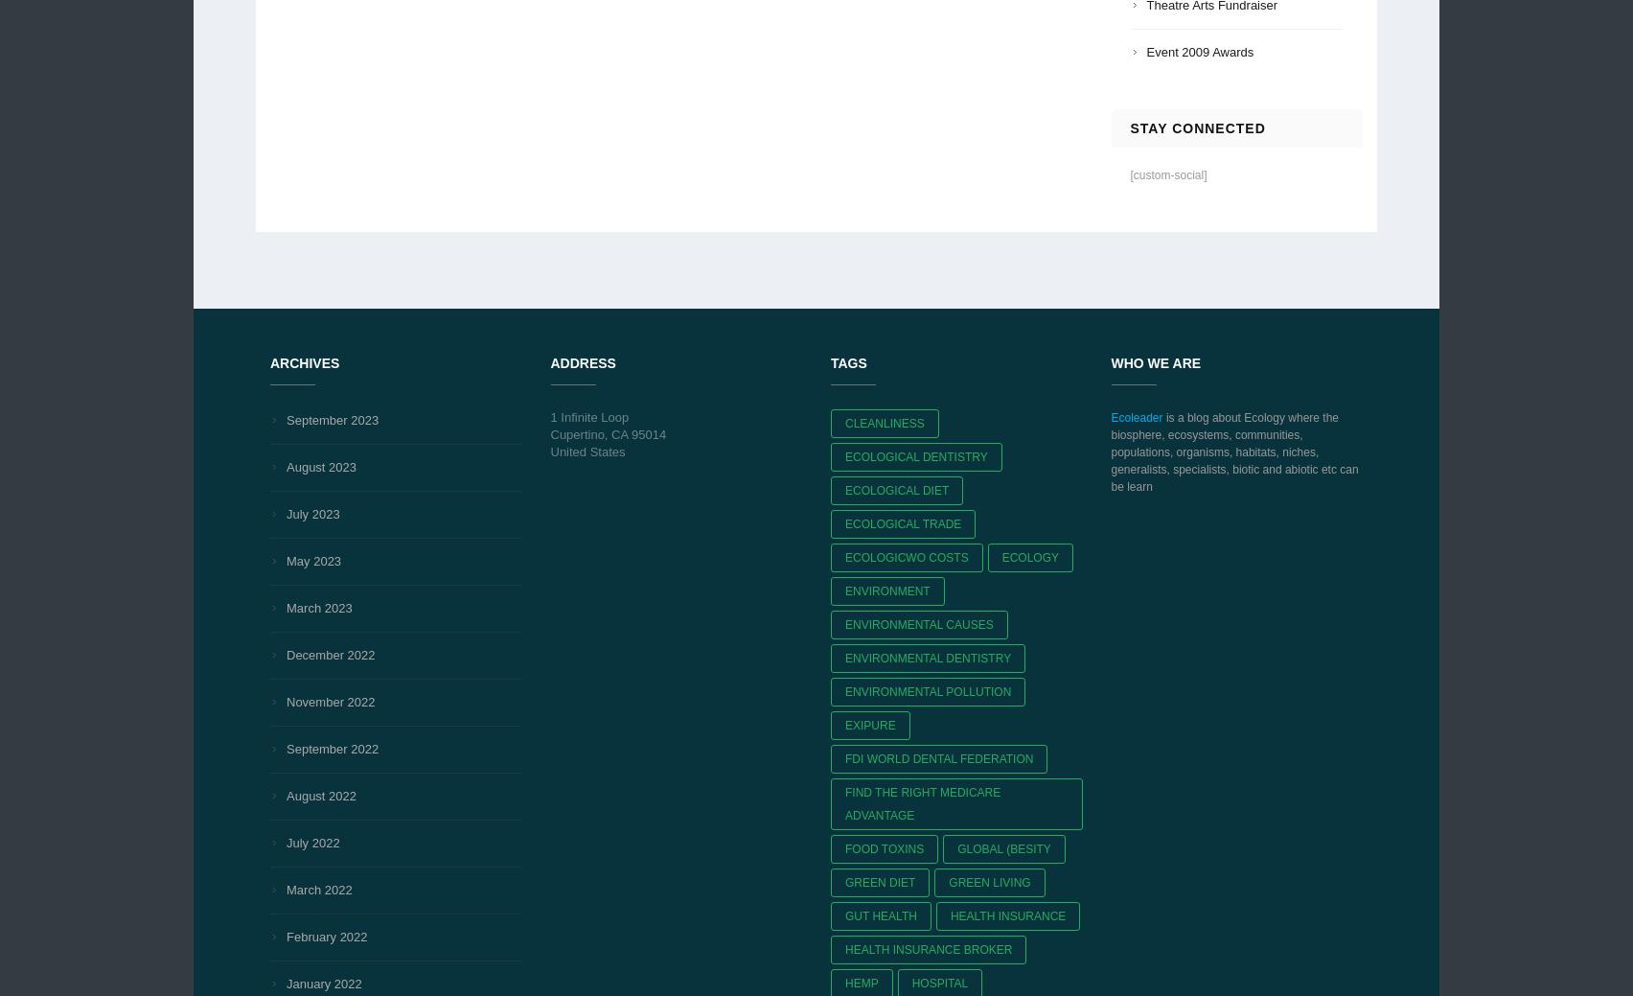  What do you see at coordinates (330, 701) in the screenshot?
I see `'November 2022'` at bounding box center [330, 701].